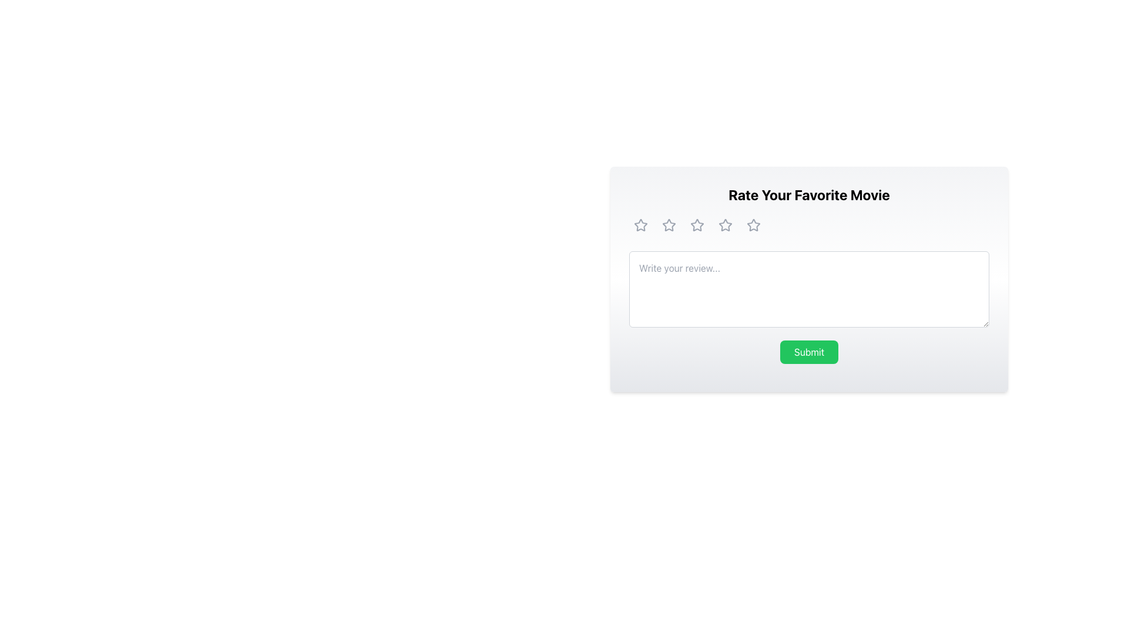  Describe the element at coordinates (669, 225) in the screenshot. I see `the first star icon in the rating component` at that location.